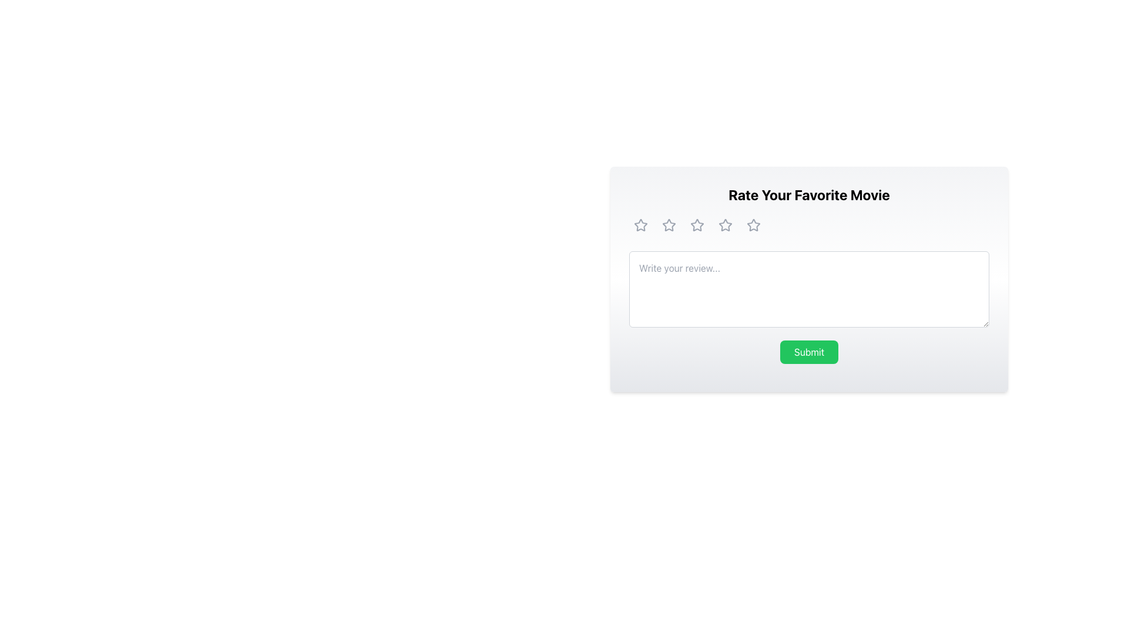  Describe the element at coordinates (669, 225) in the screenshot. I see `the first star icon in the rating component` at that location.